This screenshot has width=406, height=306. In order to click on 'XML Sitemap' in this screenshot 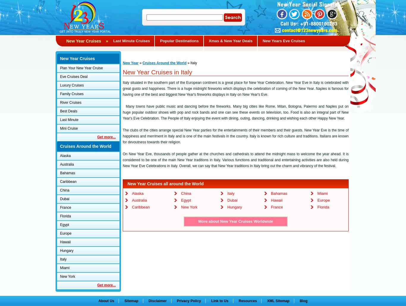, I will do `click(278, 301)`.